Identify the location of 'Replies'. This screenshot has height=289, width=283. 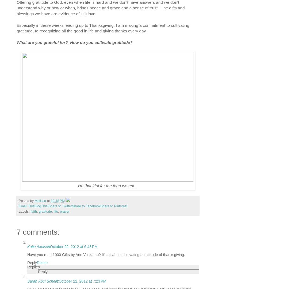
(27, 267).